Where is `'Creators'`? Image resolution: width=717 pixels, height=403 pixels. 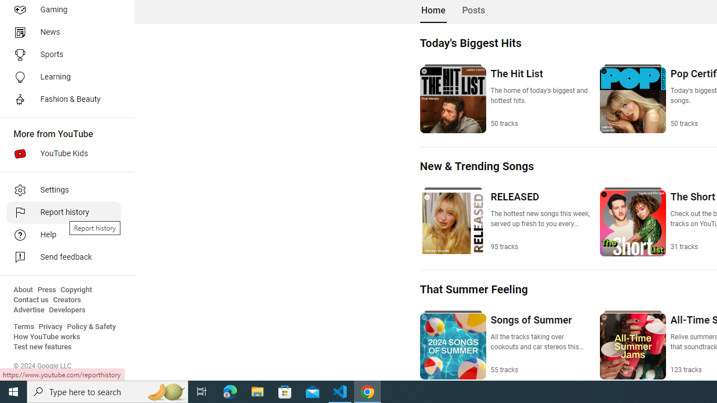 'Creators' is located at coordinates (66, 299).